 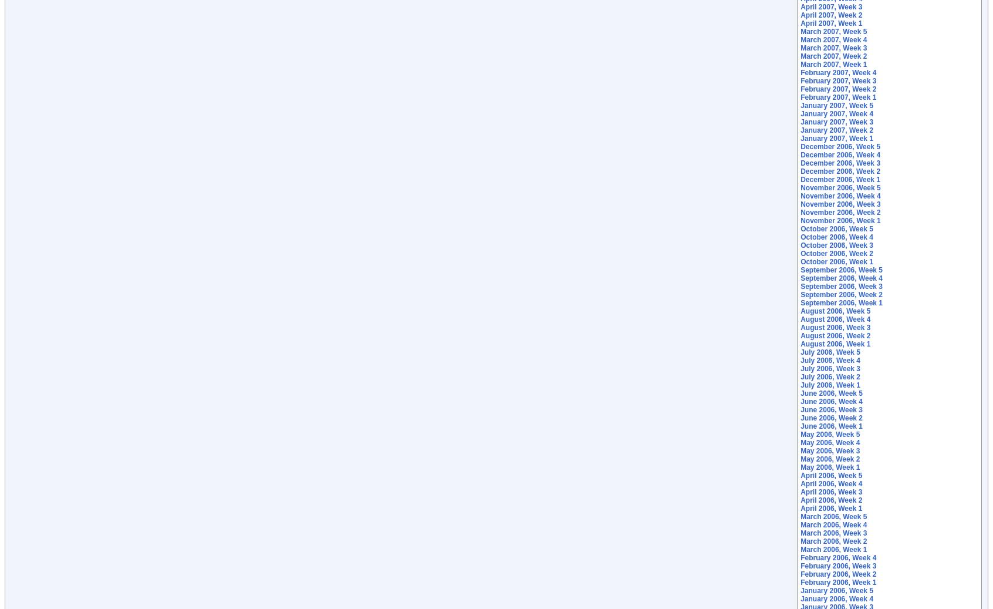 What do you see at coordinates (829, 443) in the screenshot?
I see `'May 2006, Week 4'` at bounding box center [829, 443].